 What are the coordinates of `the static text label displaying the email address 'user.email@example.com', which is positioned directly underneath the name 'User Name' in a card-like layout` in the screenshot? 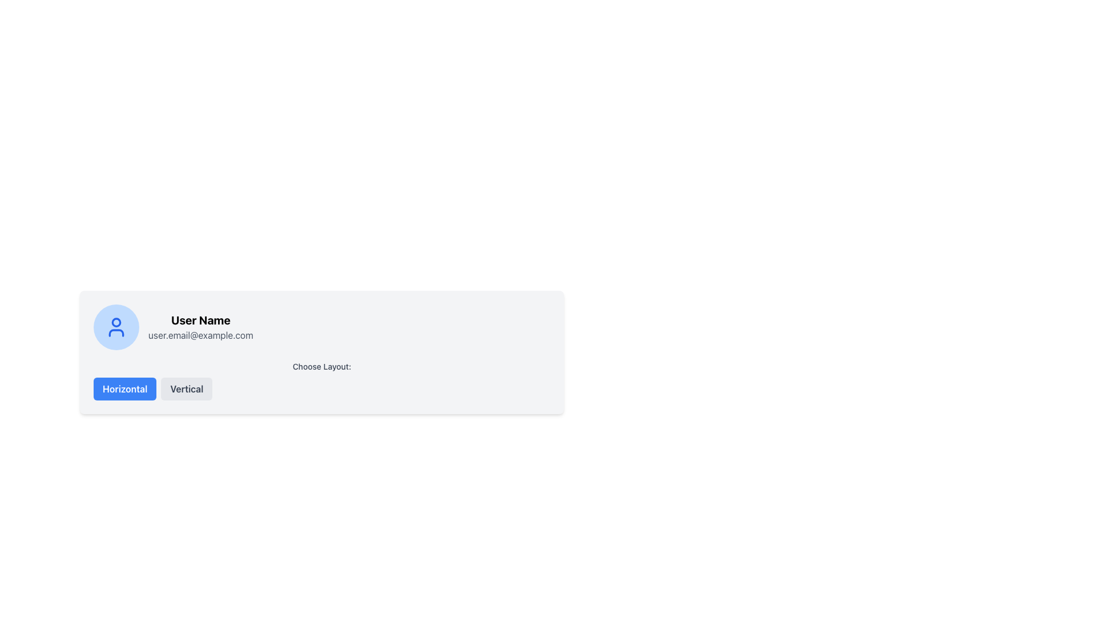 It's located at (200, 334).